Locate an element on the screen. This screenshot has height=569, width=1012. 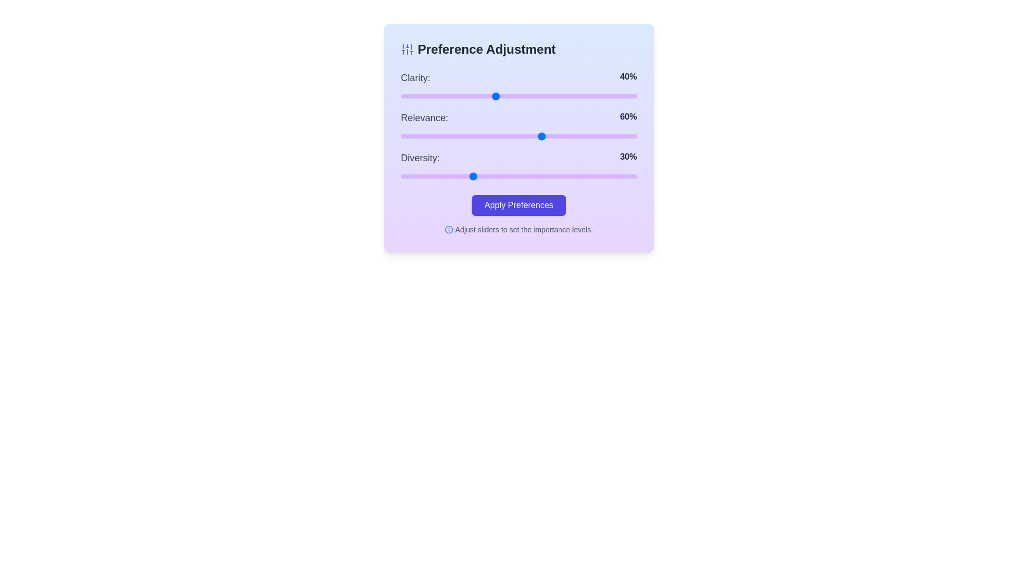
the slider for 1 to 84% is located at coordinates (599, 135).